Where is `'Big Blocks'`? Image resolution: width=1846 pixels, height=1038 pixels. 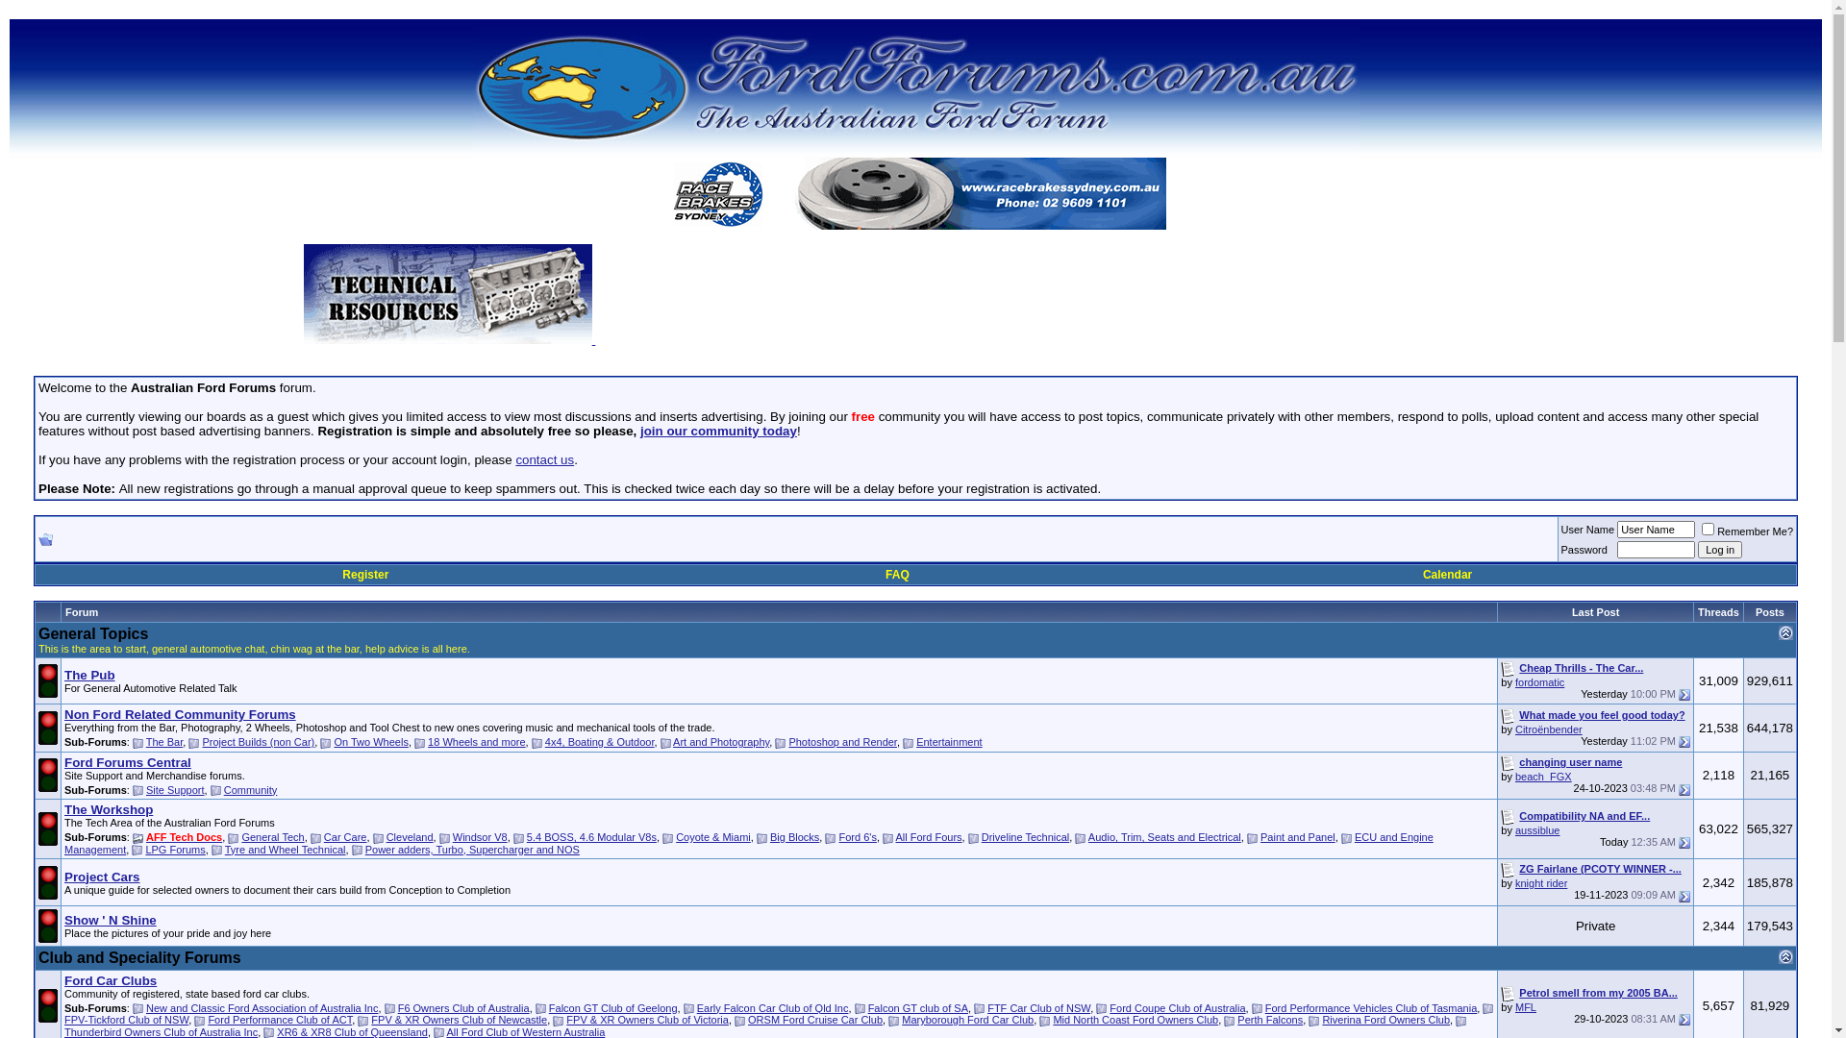 'Big Blocks' is located at coordinates (794, 836).